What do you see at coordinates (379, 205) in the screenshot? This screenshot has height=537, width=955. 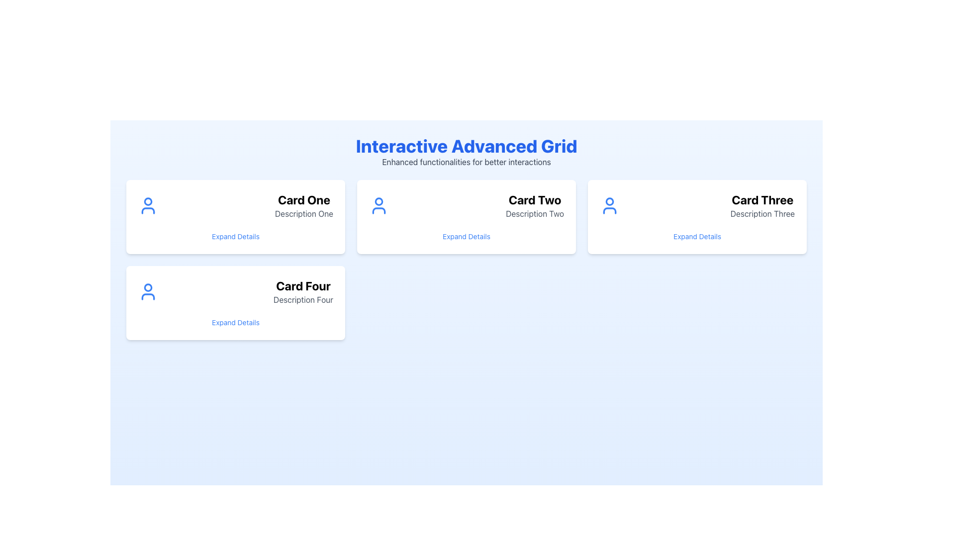 I see `the user profile icon located in 'Card Two Description Two', positioned above the 'Expand Details' text` at bounding box center [379, 205].